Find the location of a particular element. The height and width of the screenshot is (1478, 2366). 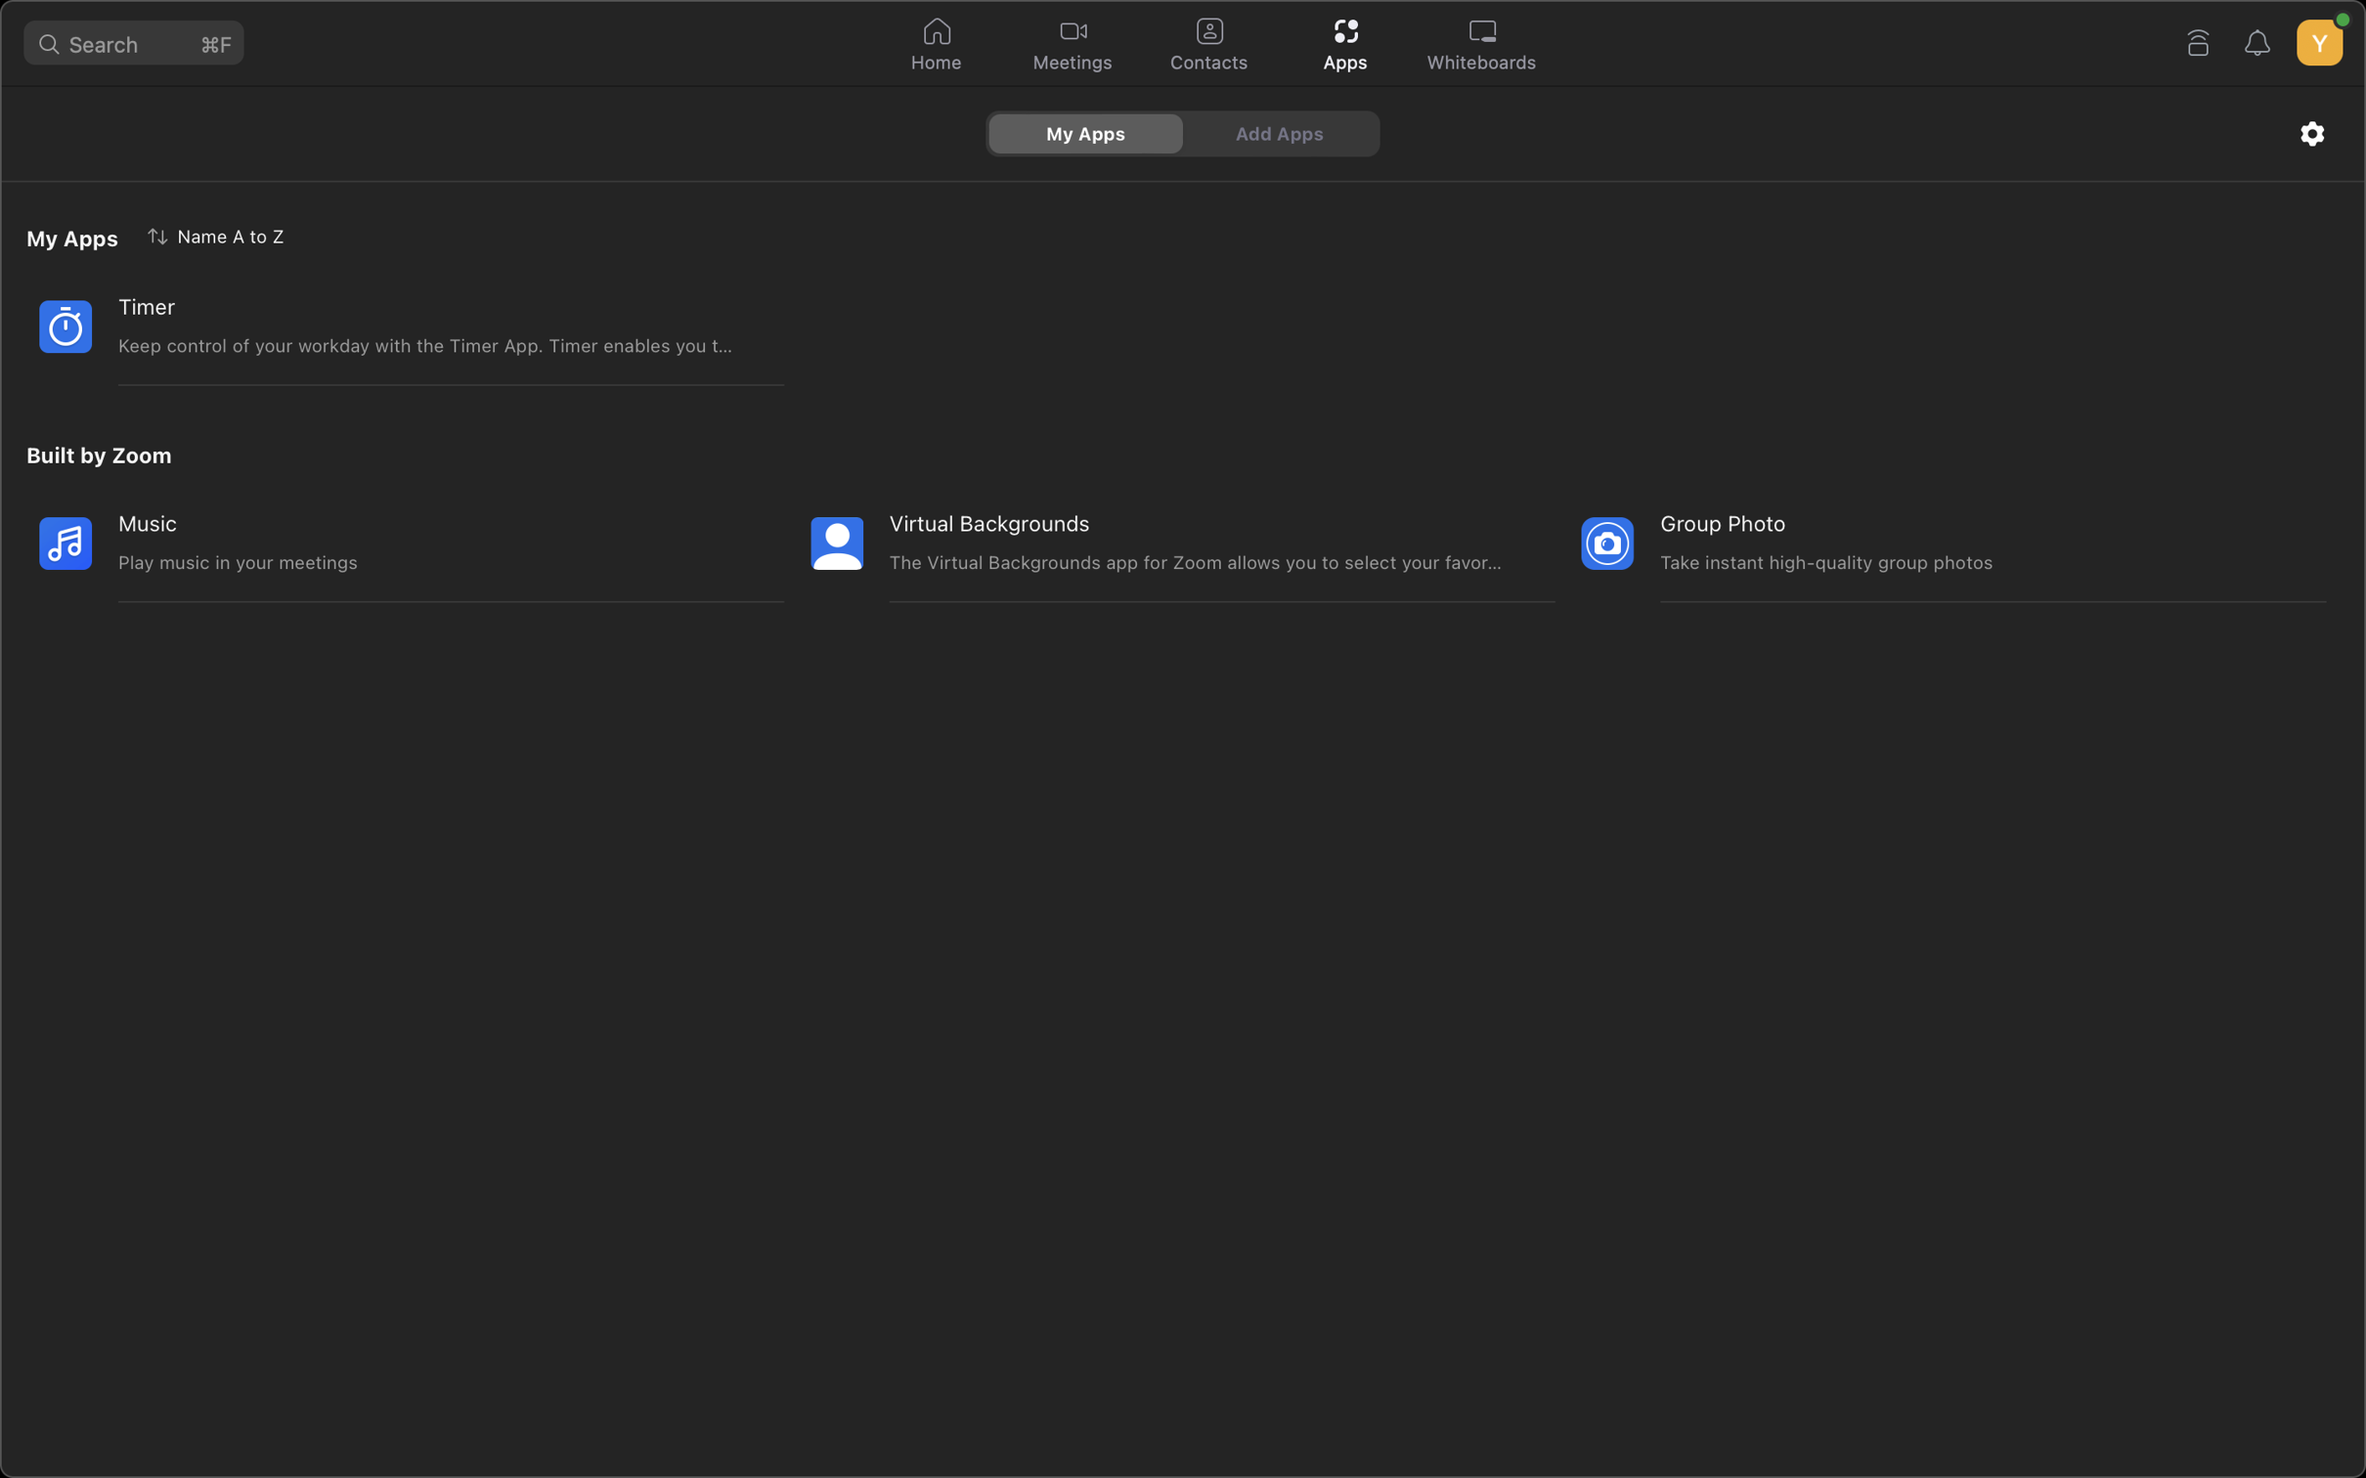

Start the timer software is located at coordinates (381, 326).